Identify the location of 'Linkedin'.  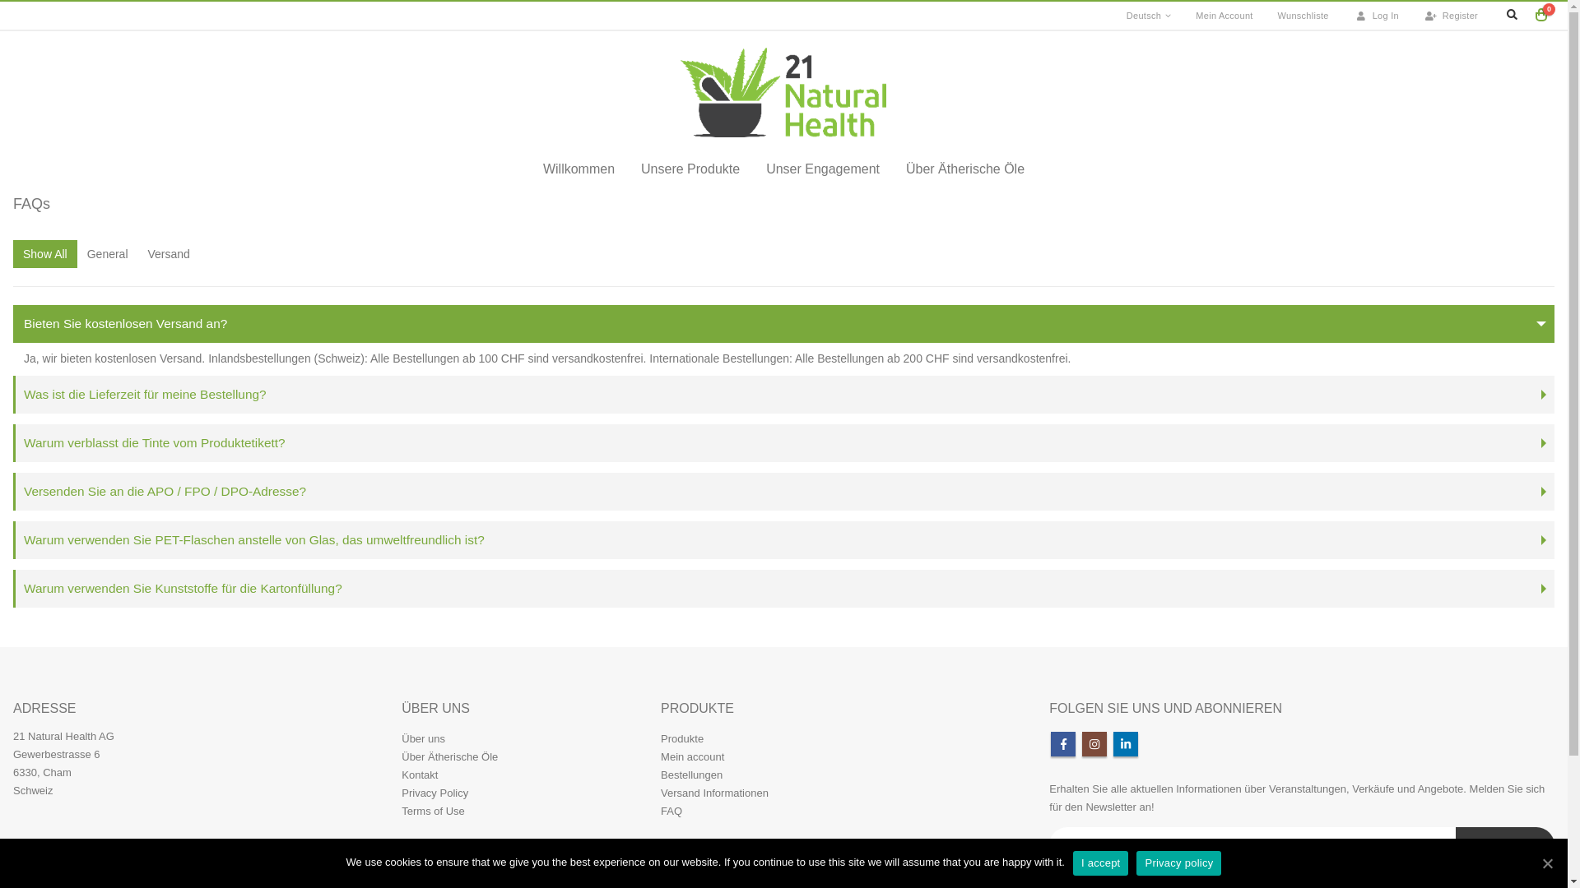
(1113, 744).